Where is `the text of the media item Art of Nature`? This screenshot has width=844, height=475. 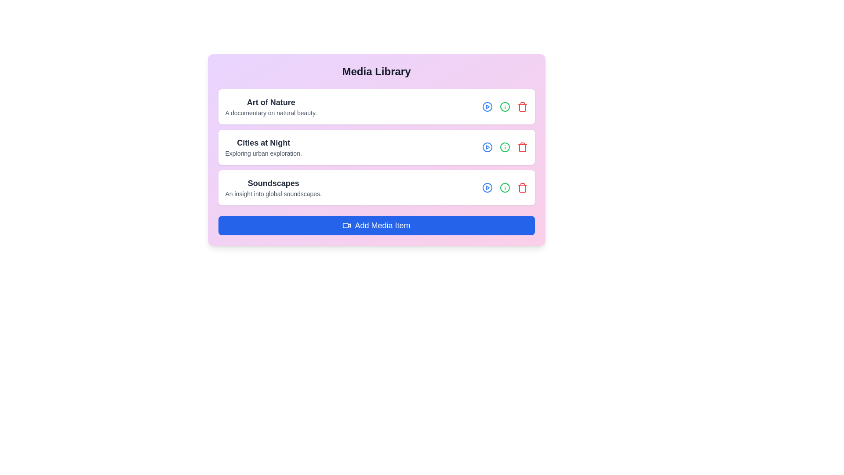
the text of the media item Art of Nature is located at coordinates (270, 106).